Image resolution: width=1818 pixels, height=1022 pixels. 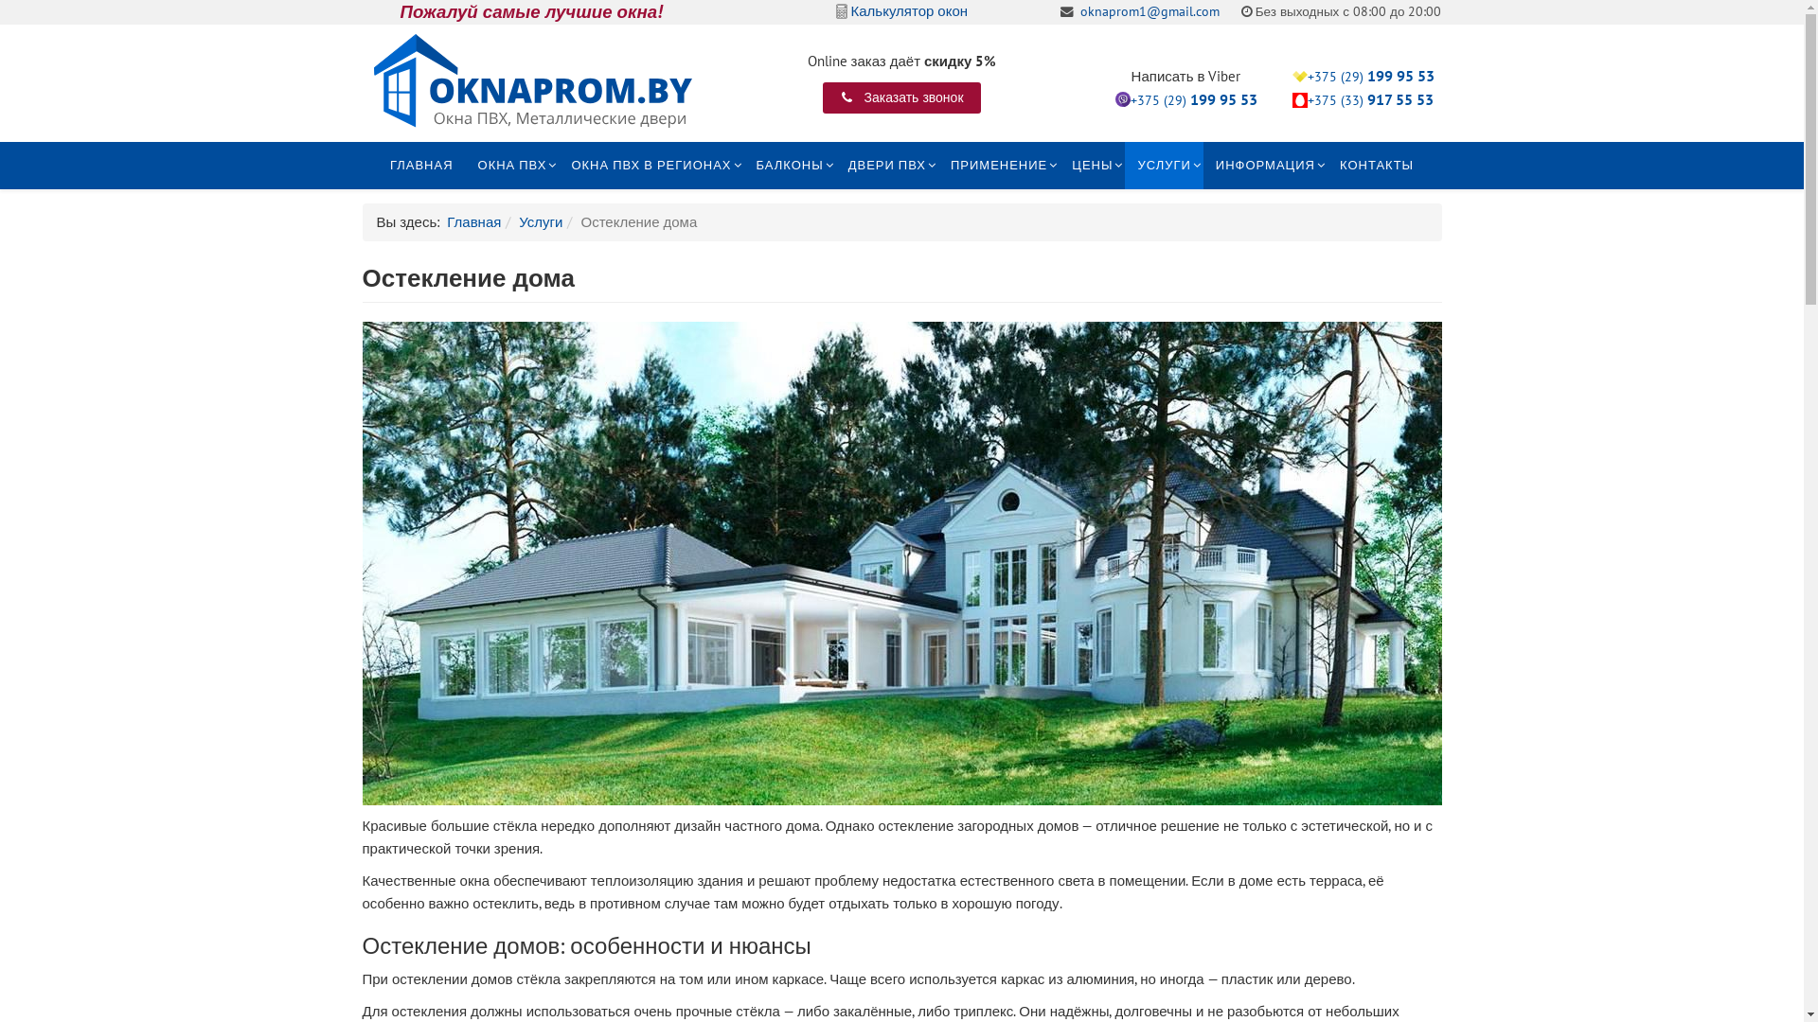 What do you see at coordinates (1370, 99) in the screenshot?
I see `'+375 (33) 917 55 53'` at bounding box center [1370, 99].